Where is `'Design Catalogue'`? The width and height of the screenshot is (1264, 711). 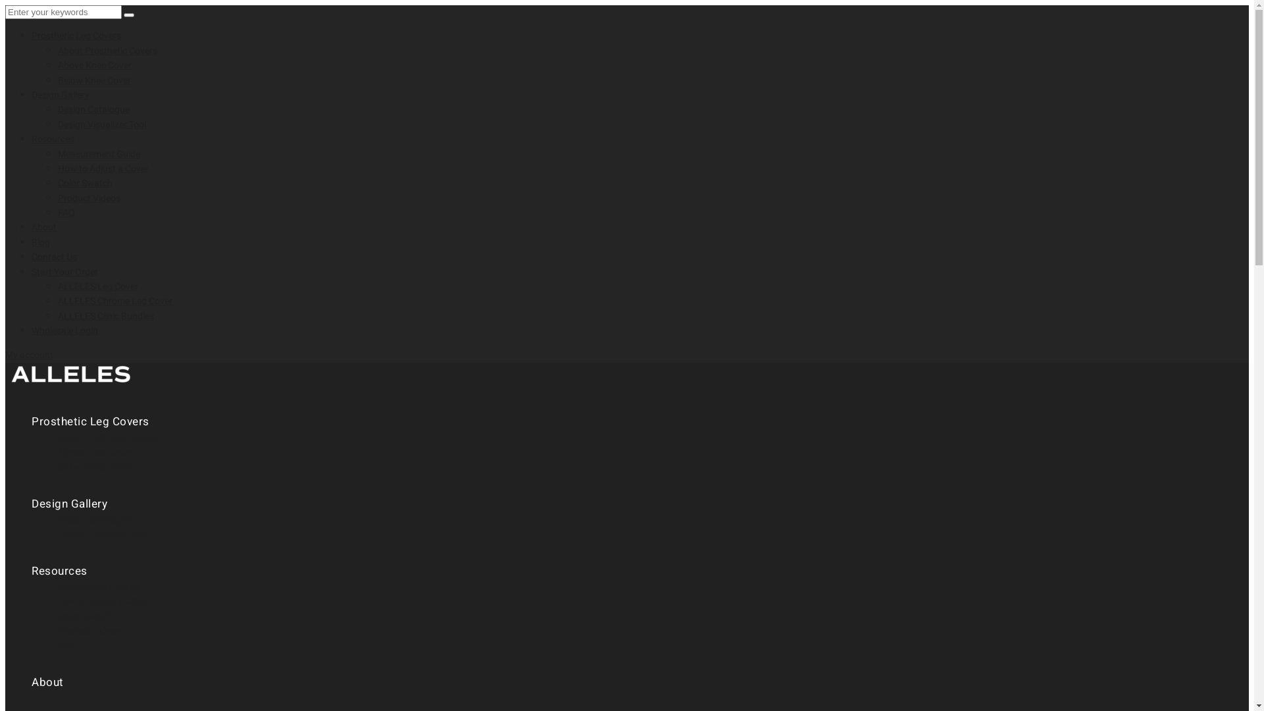 'Design Catalogue' is located at coordinates (93, 109).